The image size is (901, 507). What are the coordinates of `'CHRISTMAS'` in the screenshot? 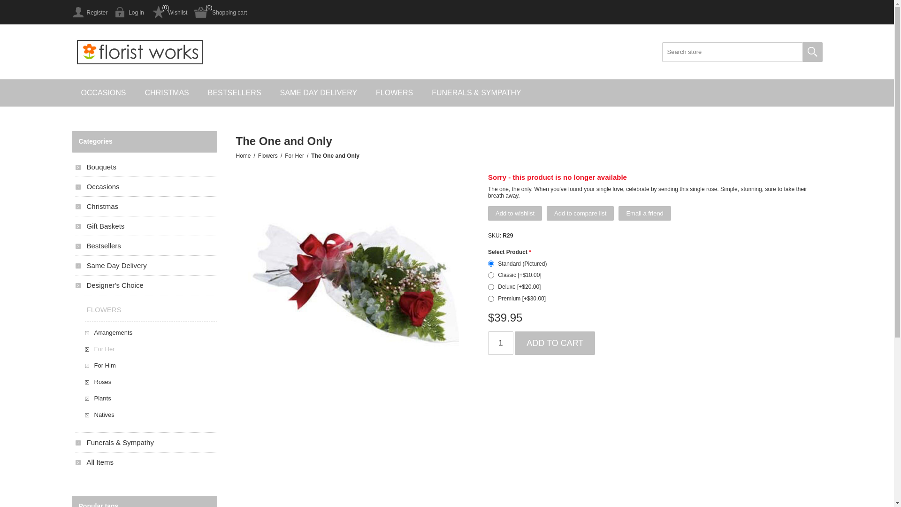 It's located at (135, 92).